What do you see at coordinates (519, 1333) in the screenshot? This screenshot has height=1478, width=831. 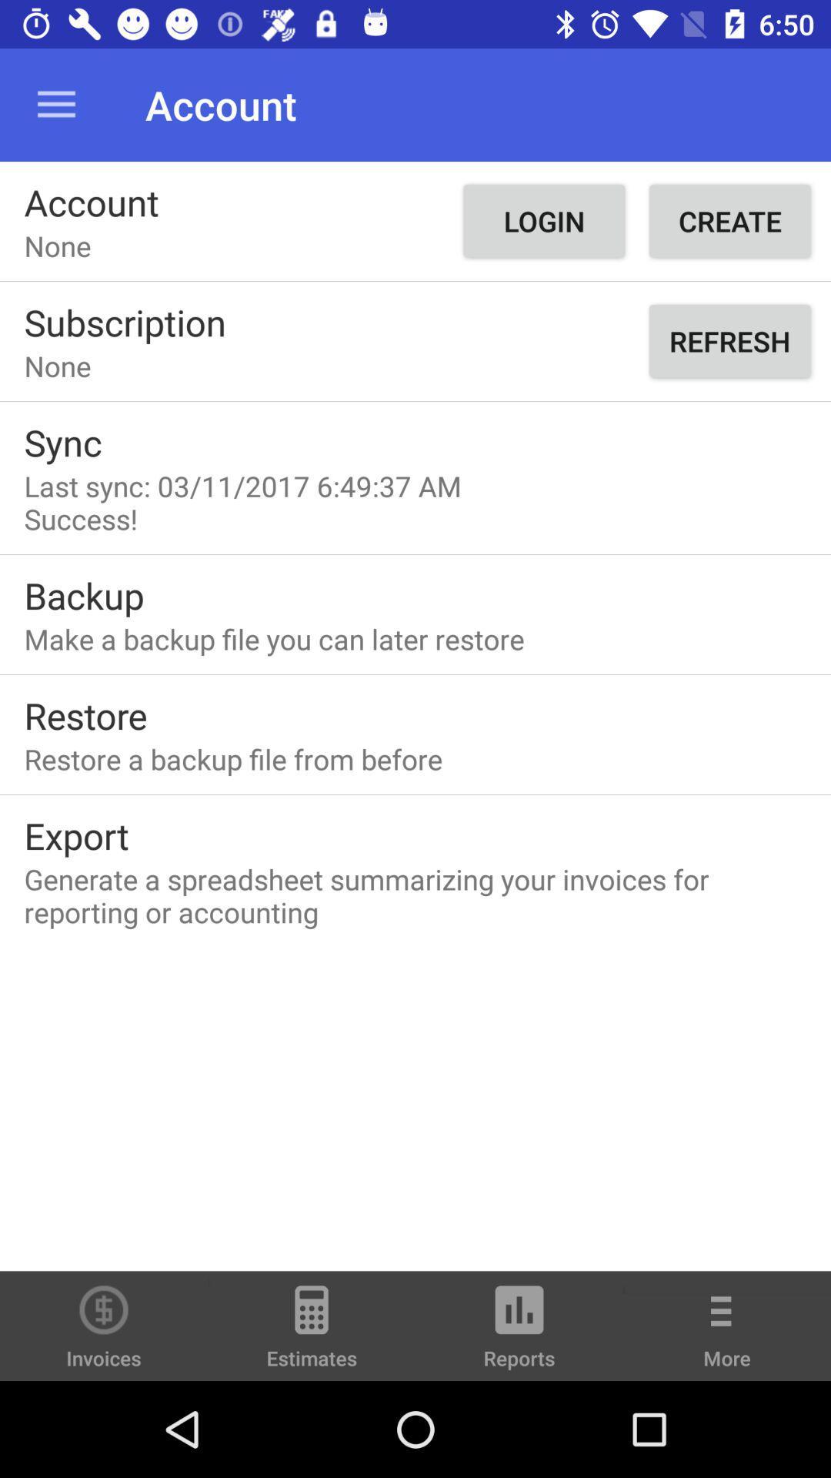 I see `the item next to estimates icon` at bounding box center [519, 1333].